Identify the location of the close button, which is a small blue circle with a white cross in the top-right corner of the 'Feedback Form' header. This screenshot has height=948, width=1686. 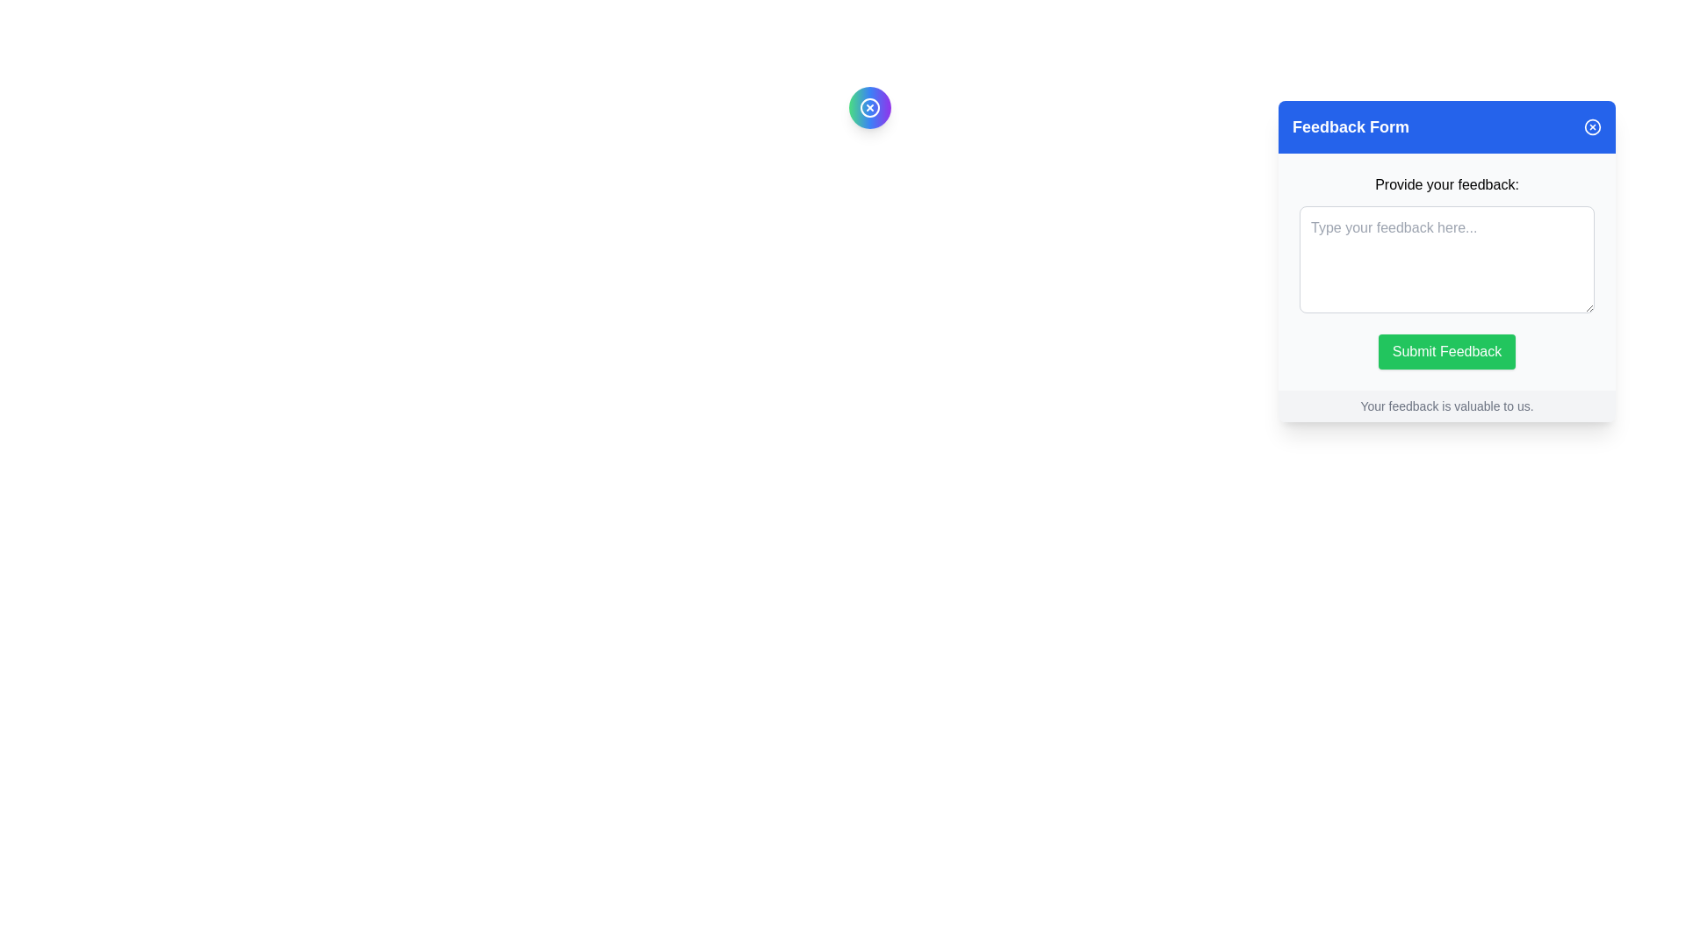
(1593, 126).